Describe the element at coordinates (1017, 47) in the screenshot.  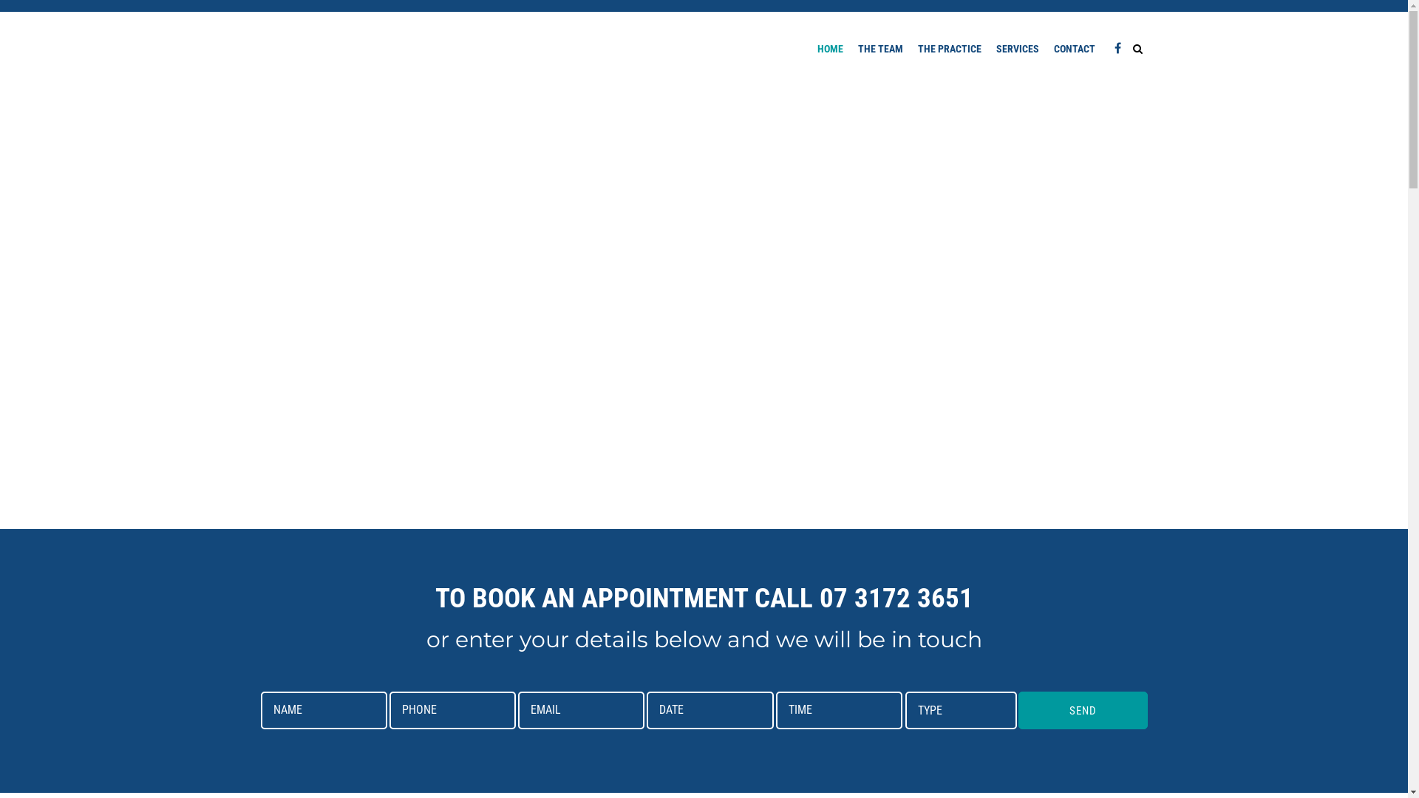
I see `'SERVICES'` at that location.